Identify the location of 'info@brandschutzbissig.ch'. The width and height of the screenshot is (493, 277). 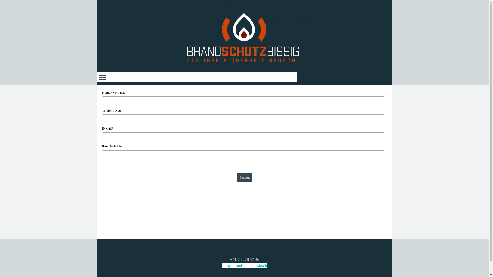
(244, 265).